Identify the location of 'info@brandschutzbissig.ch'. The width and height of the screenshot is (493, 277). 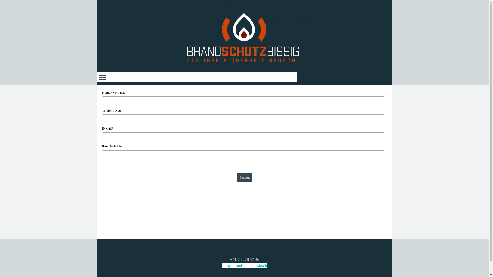
(244, 265).